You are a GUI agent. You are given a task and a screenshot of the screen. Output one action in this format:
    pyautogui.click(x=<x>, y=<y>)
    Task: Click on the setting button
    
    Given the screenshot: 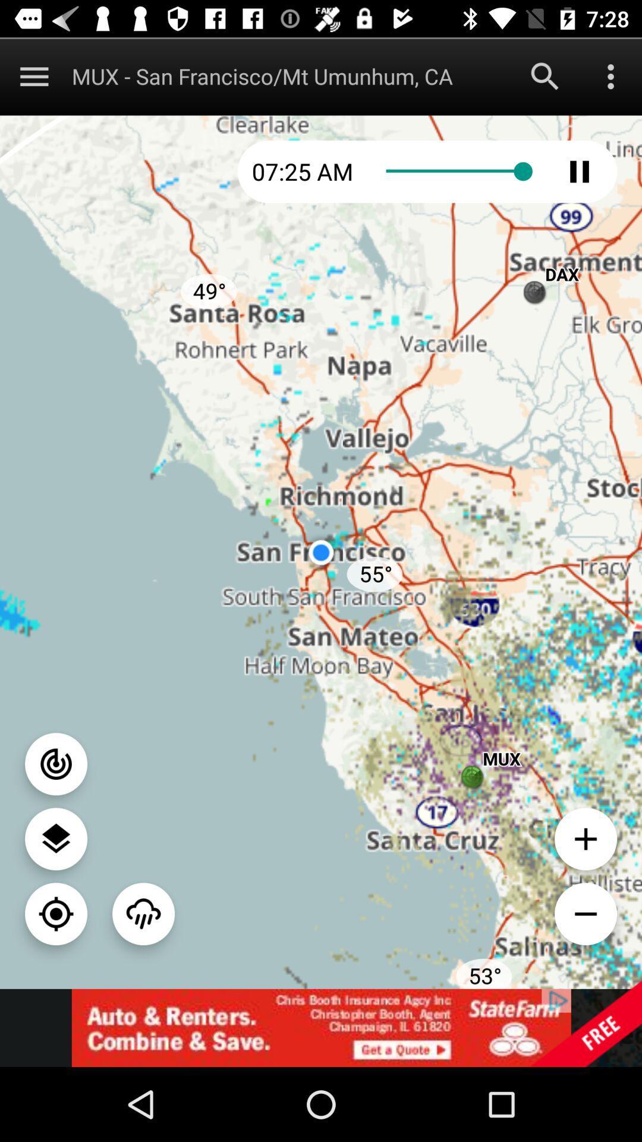 What is the action you would take?
    pyautogui.click(x=56, y=838)
    